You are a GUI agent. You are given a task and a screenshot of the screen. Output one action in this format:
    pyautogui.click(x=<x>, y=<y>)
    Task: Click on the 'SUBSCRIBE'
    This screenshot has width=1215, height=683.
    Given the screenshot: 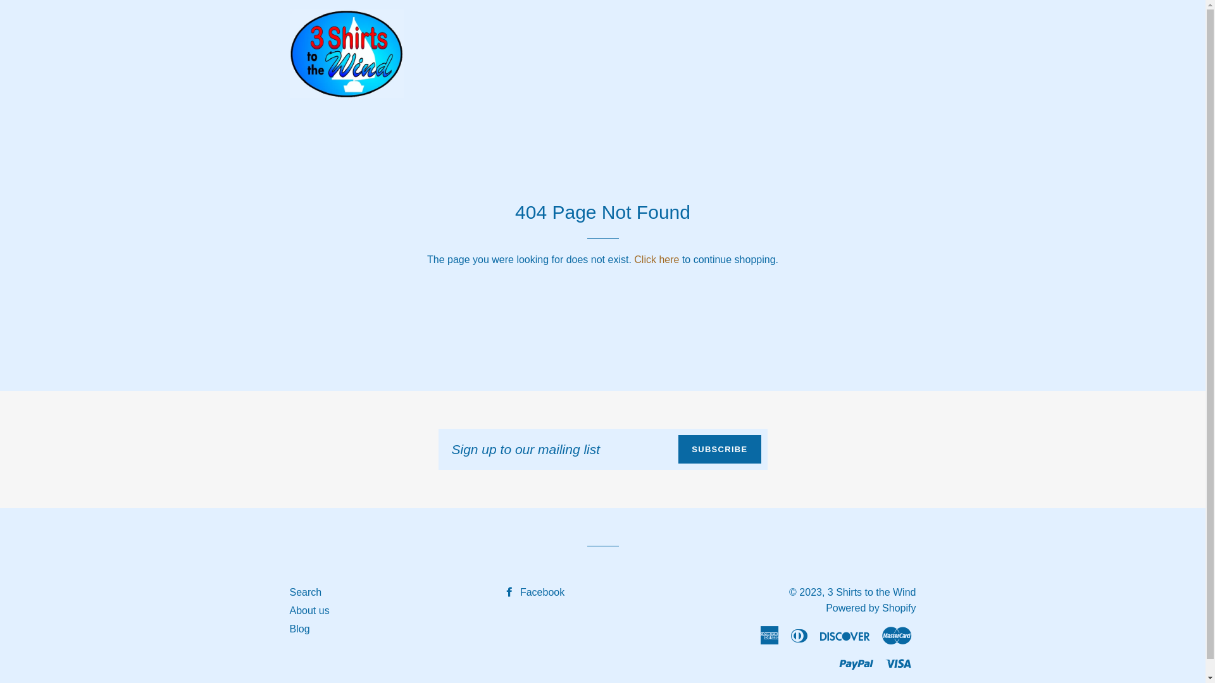 What is the action you would take?
    pyautogui.click(x=677, y=448)
    